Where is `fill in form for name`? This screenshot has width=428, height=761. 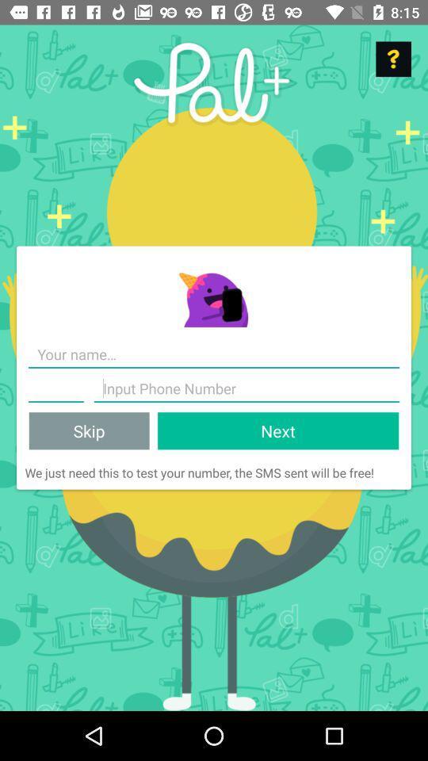 fill in form for name is located at coordinates (214, 354).